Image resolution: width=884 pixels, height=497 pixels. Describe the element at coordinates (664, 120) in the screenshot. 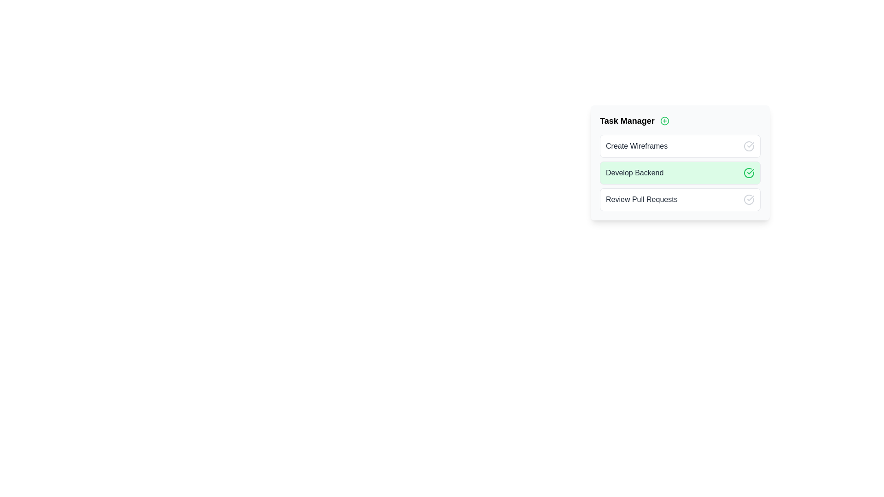

I see `the 'add' or 'create' button related to the Task Manager, positioned to the right of the 'Task Manager' header text` at that location.